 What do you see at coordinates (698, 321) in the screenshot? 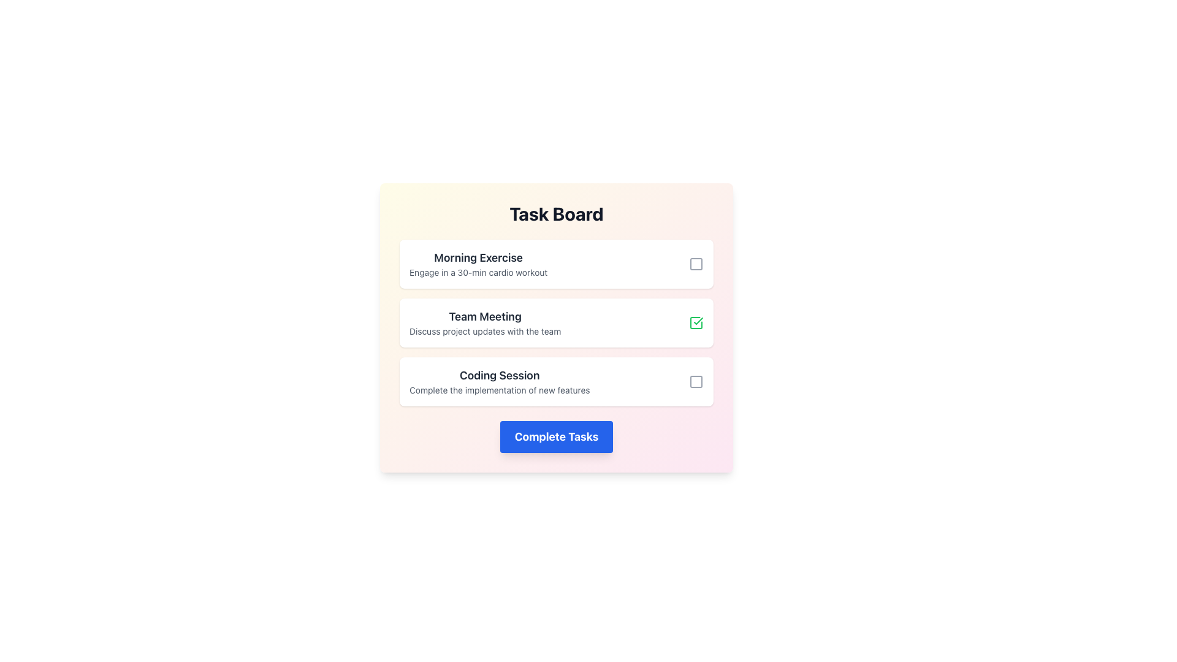
I see `the green checkmark icon indicating completion for the 'Team Meeting' task in the second row of the task list` at bounding box center [698, 321].